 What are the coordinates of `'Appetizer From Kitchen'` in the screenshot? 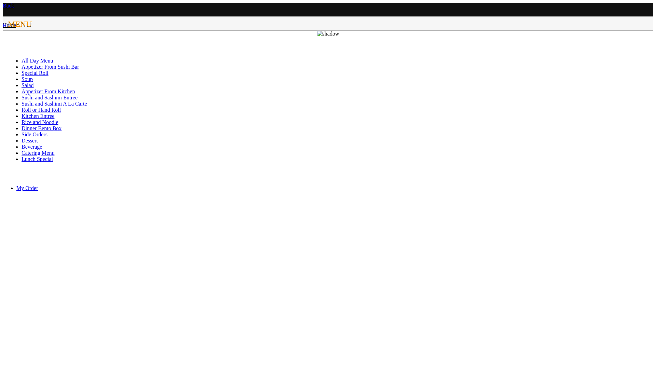 It's located at (47, 91).